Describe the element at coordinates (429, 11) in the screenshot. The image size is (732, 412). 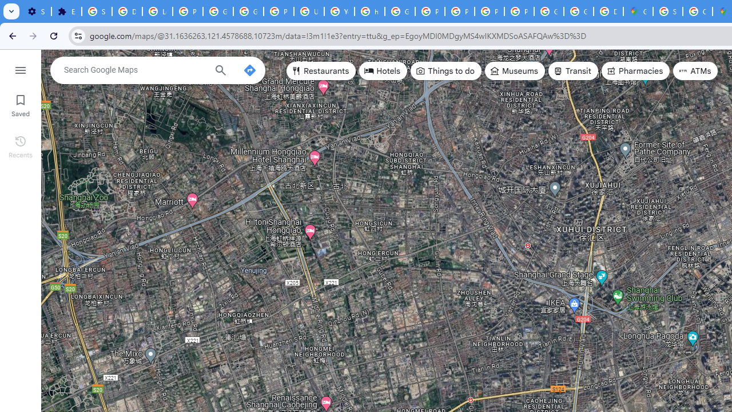
I see `'Privacy Help Center - Policies Help'` at that location.